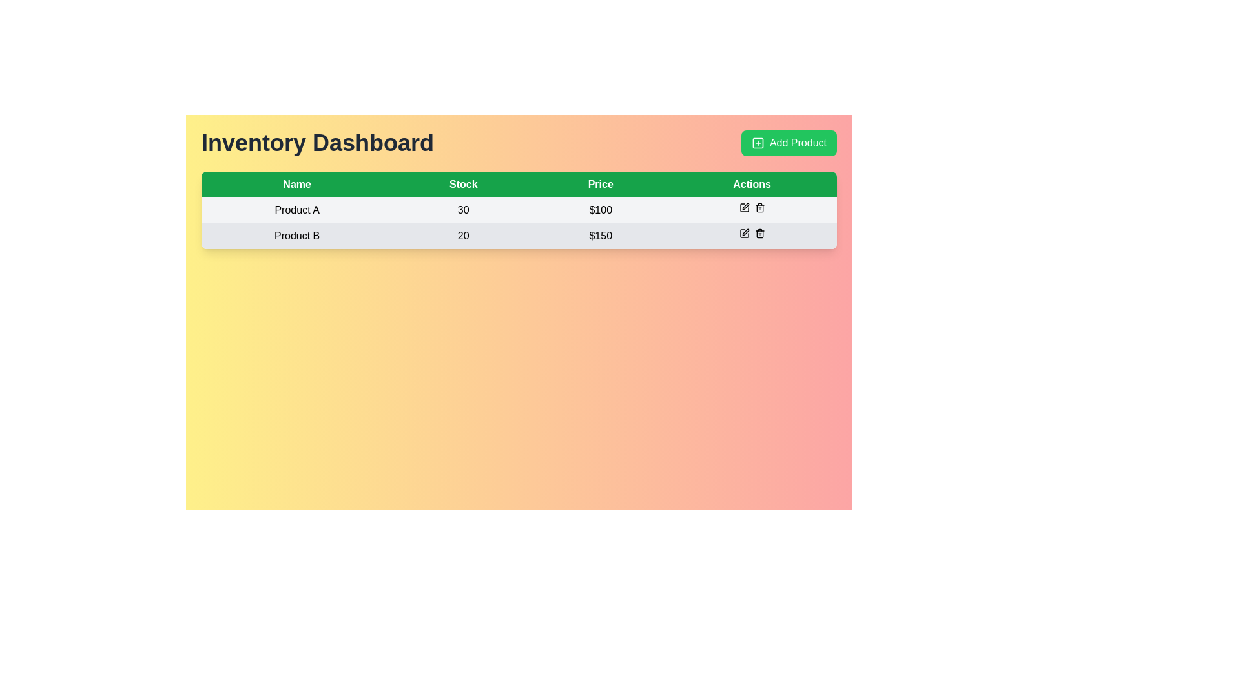 The width and height of the screenshot is (1240, 697). What do you see at coordinates (752, 184) in the screenshot?
I see `the label with a green background and white text reading 'Actions', located at the far right of the top header row` at bounding box center [752, 184].